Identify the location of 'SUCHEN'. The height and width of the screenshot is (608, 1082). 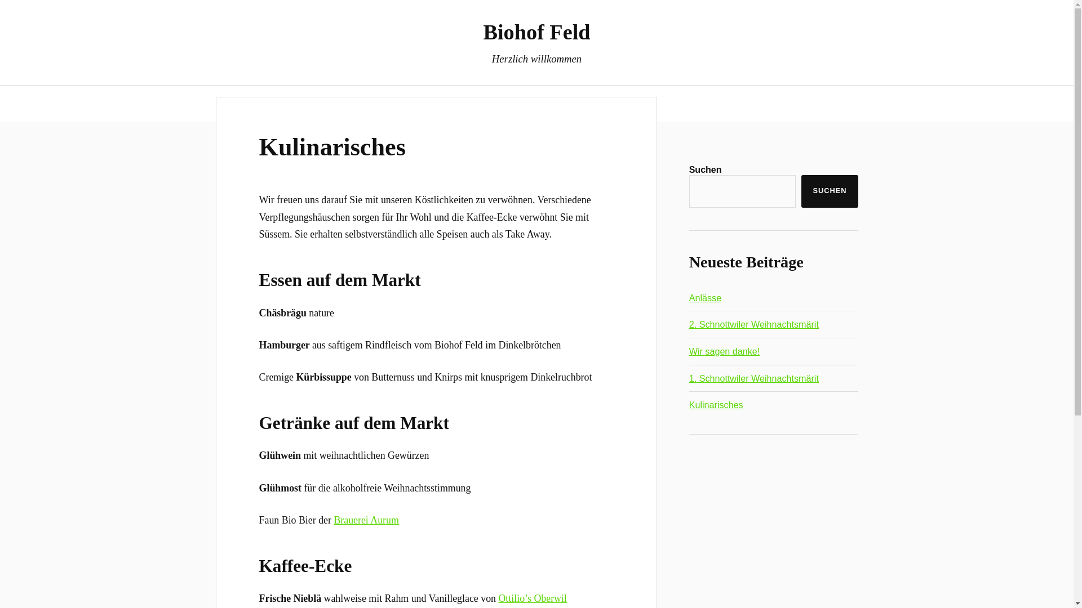
(800, 190).